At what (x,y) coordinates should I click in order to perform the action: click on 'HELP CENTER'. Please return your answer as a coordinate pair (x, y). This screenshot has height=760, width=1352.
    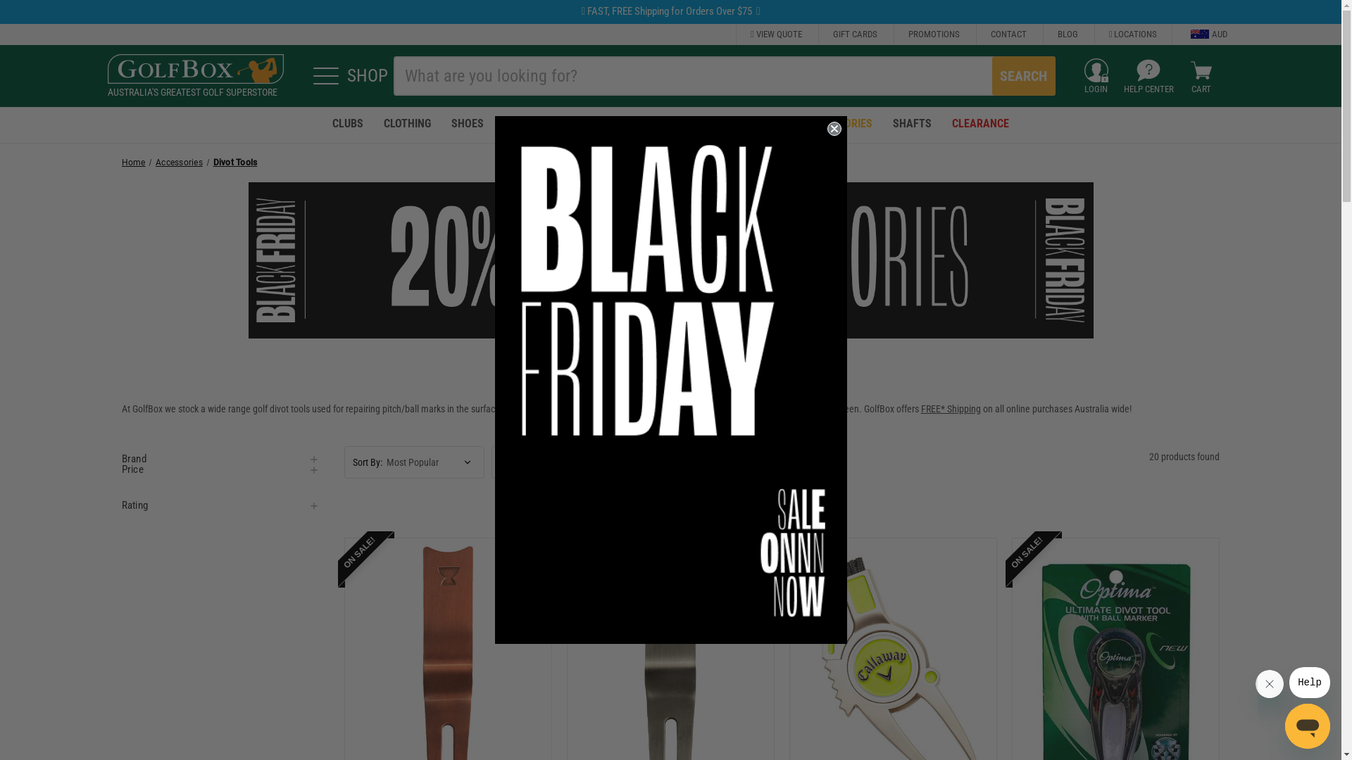
    Looking at the image, I should click on (1148, 76).